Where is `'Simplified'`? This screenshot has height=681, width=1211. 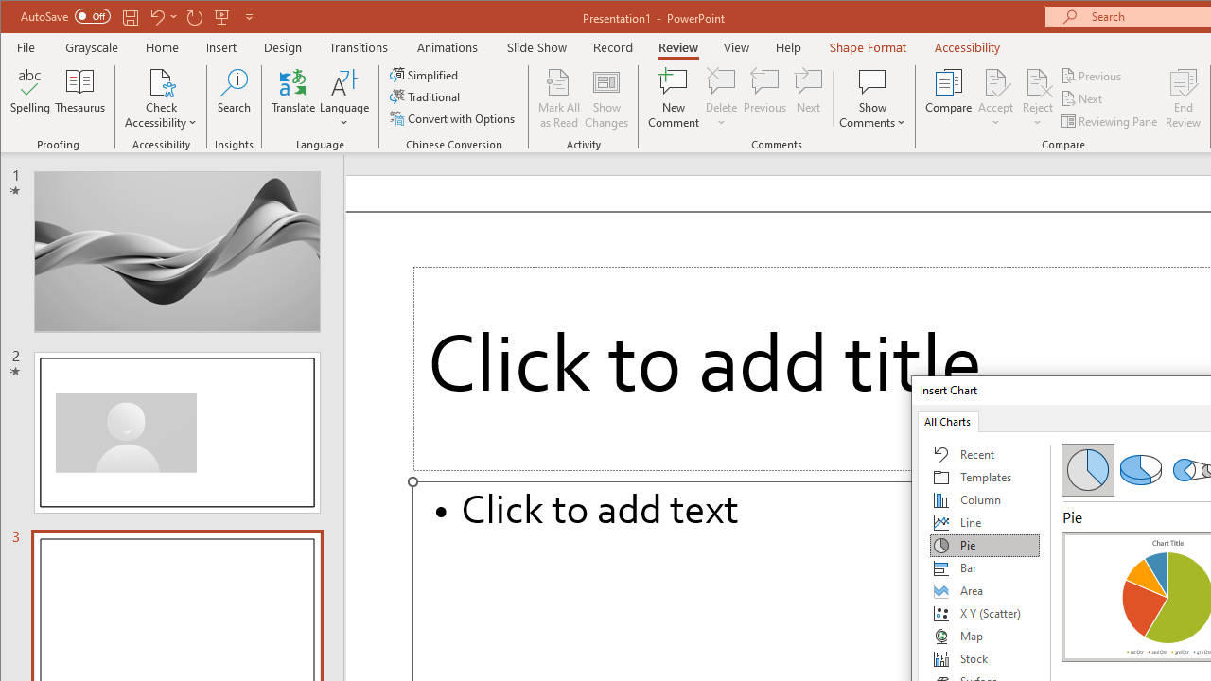
'Simplified' is located at coordinates (425, 74).